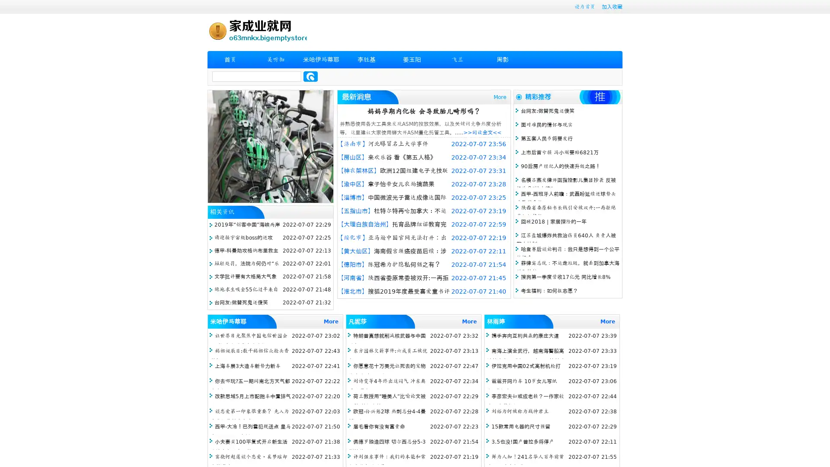  Describe the element at coordinates (310, 76) in the screenshot. I see `Search` at that location.